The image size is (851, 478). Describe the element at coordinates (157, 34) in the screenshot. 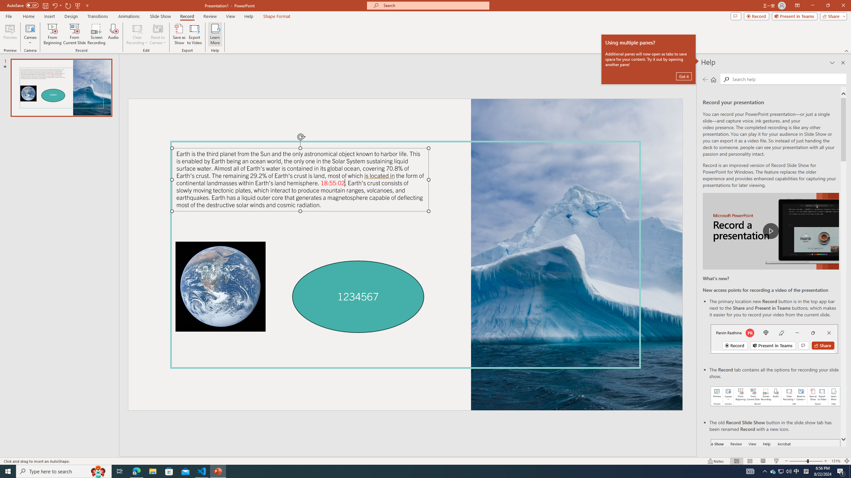

I see `'Reset to Cameo'` at that location.